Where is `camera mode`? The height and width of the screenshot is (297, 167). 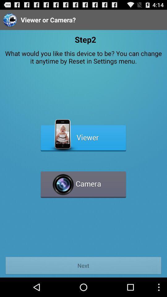 camera mode is located at coordinates (83, 182).